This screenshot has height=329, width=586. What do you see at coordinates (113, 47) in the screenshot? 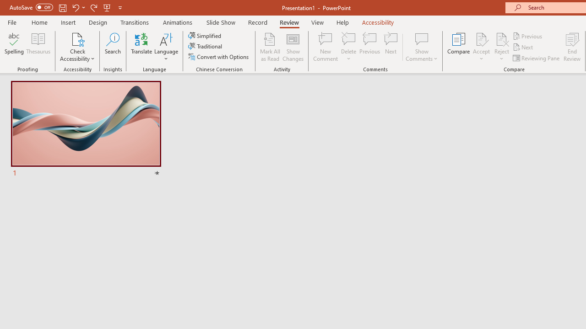
I see `'Search'` at bounding box center [113, 47].